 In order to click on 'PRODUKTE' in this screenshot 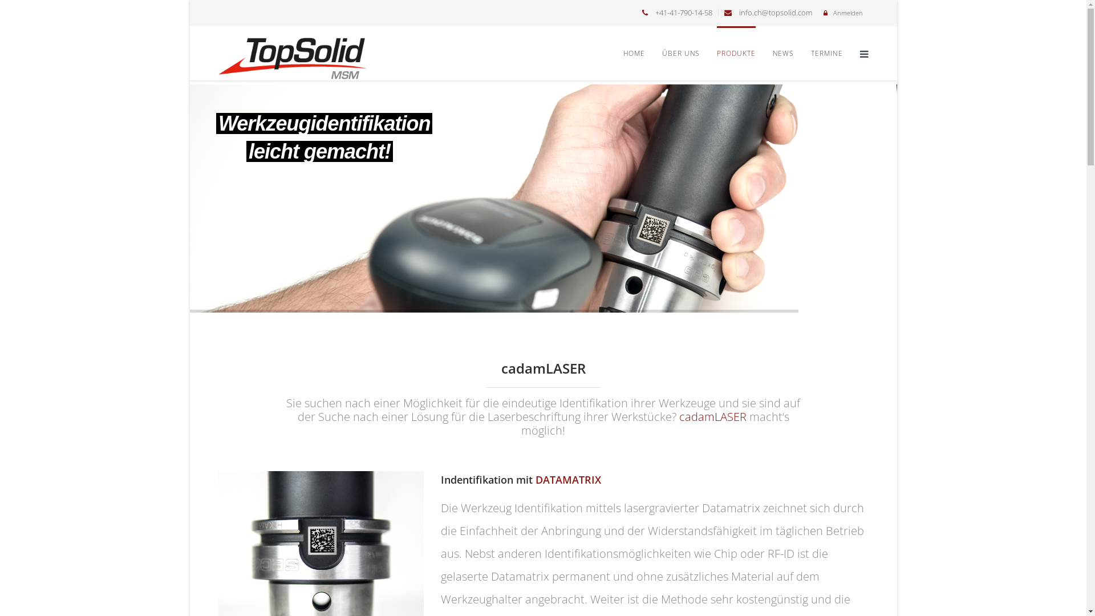, I will do `click(716, 53)`.